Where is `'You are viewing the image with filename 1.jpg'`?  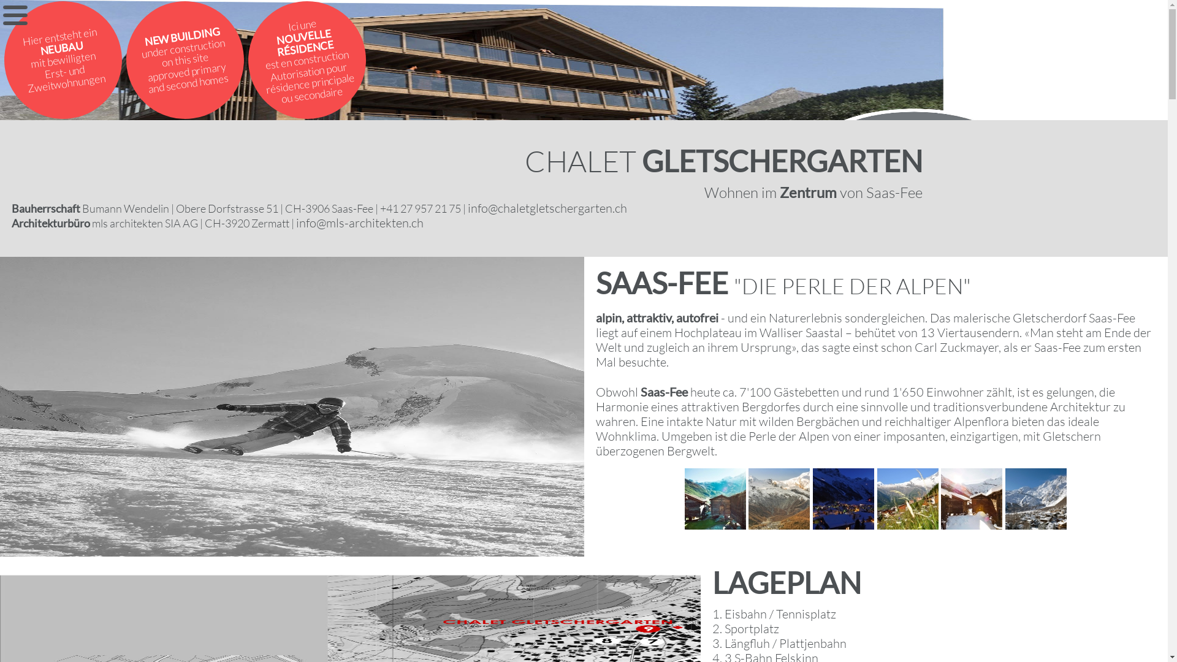
'You are viewing the image with filename 1.jpg' is located at coordinates (684, 498).